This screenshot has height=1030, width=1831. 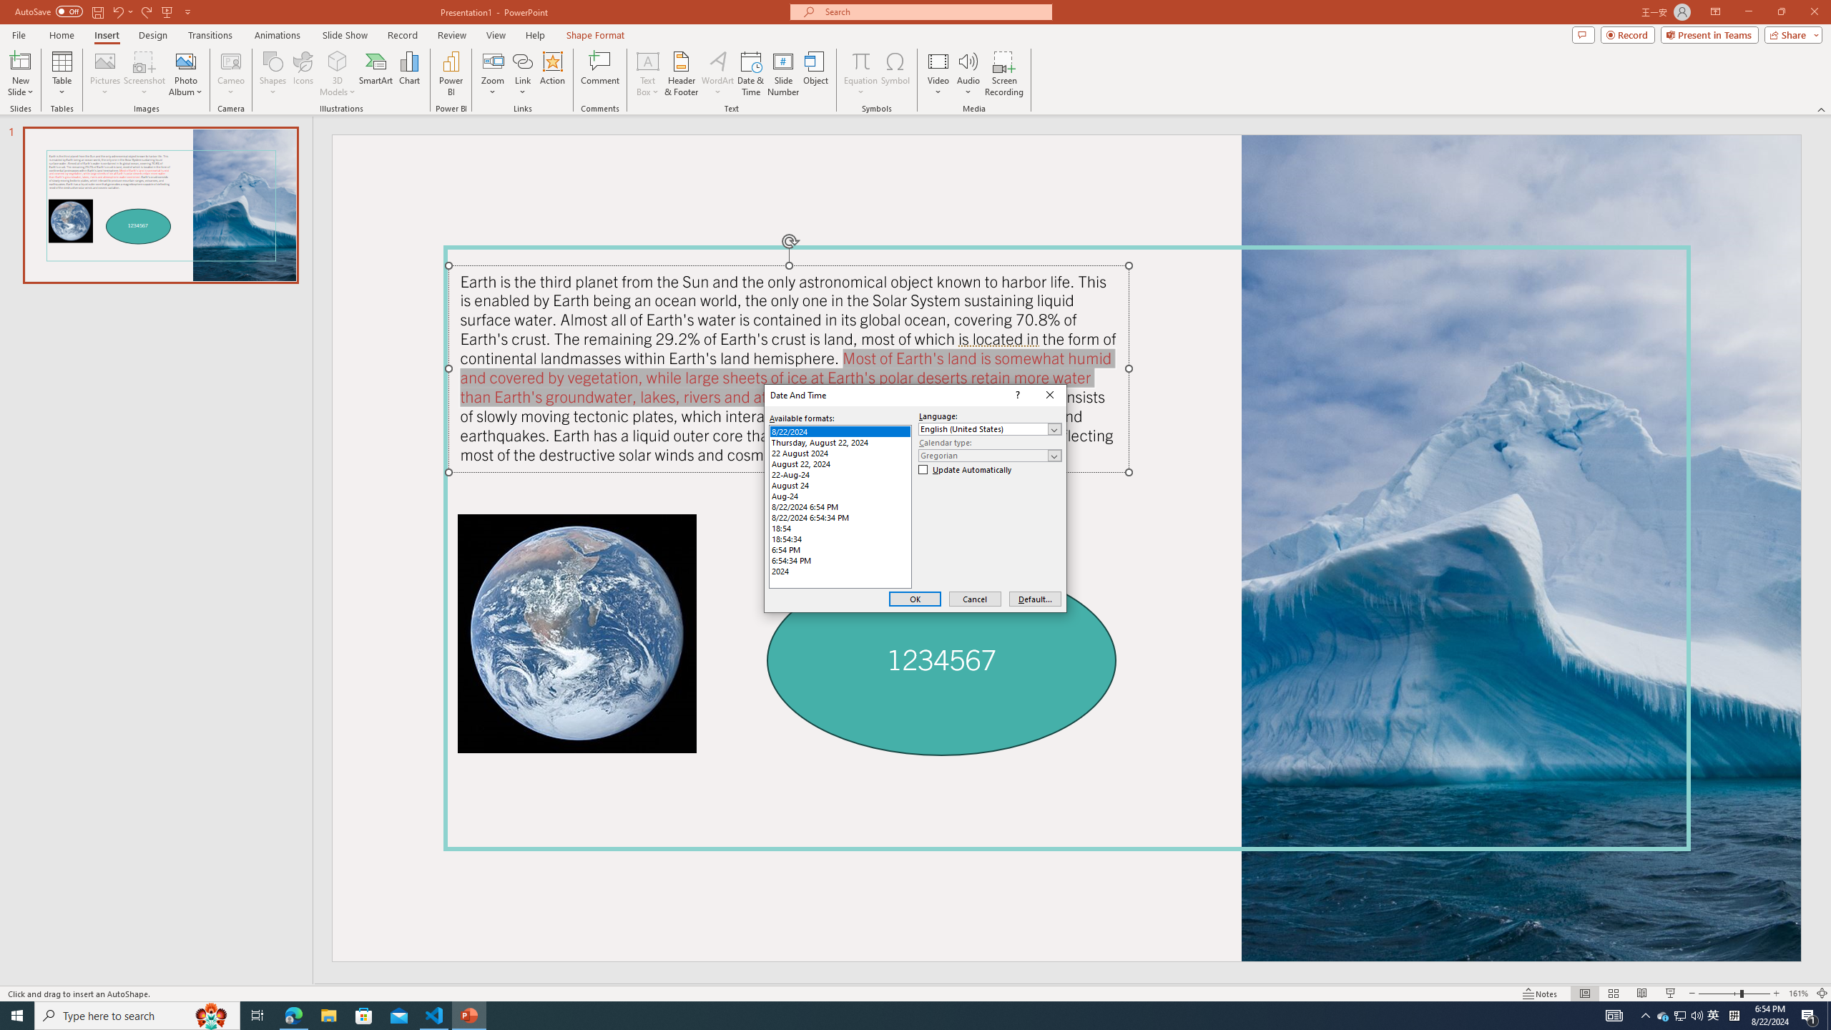 What do you see at coordinates (840, 441) in the screenshot?
I see `'Thursday, August 22, 2024'` at bounding box center [840, 441].